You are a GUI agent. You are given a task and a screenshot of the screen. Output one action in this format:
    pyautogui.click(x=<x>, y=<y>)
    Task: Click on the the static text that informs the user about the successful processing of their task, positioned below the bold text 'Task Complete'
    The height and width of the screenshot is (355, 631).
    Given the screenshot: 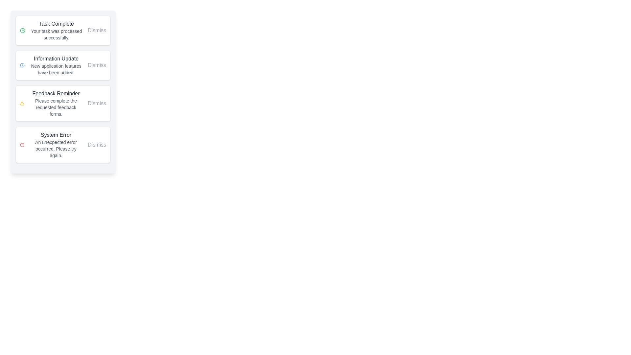 What is the action you would take?
    pyautogui.click(x=57, y=34)
    